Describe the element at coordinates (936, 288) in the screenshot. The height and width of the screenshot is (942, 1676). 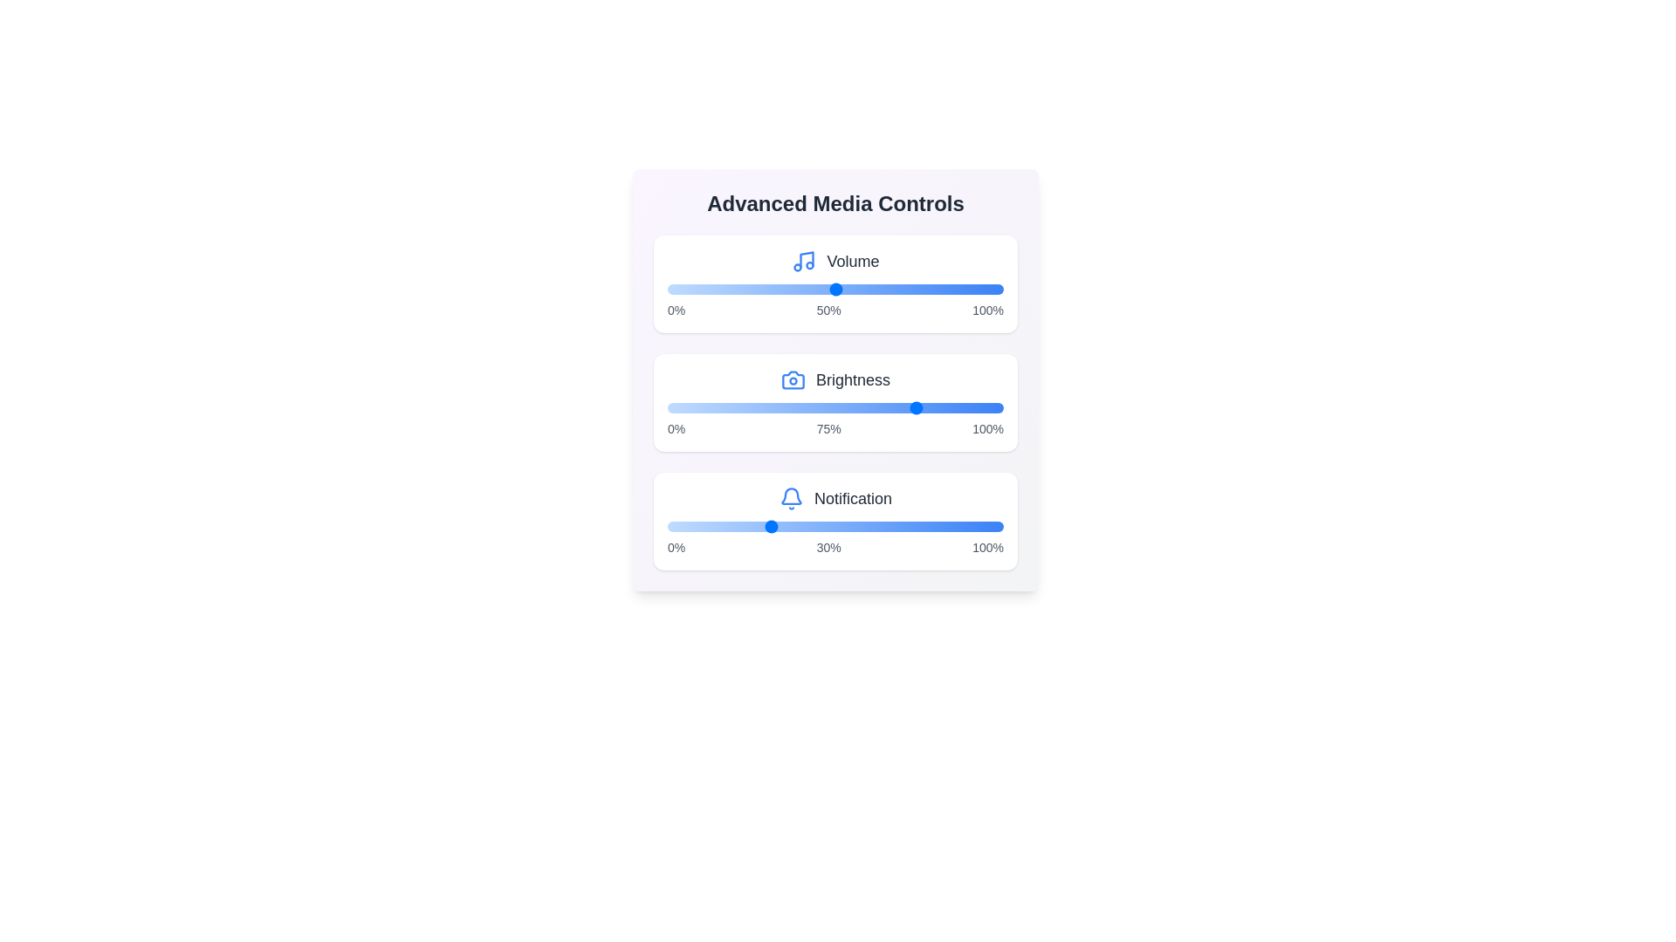
I see `the 0 slider to 60%` at that location.